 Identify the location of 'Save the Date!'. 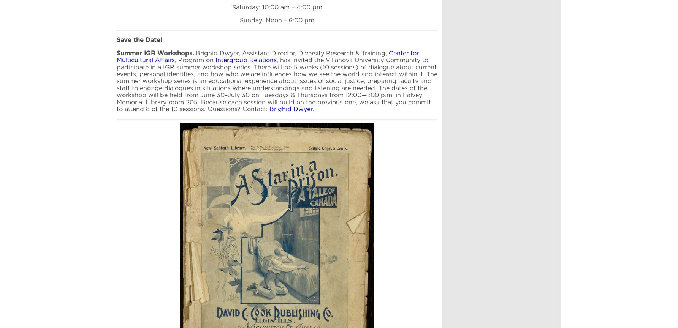
(139, 40).